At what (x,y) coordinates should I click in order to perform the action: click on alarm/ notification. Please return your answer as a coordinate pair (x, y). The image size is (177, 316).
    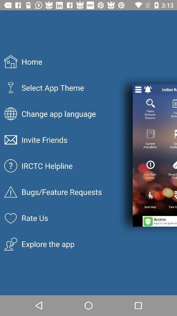
    Looking at the image, I should click on (148, 89).